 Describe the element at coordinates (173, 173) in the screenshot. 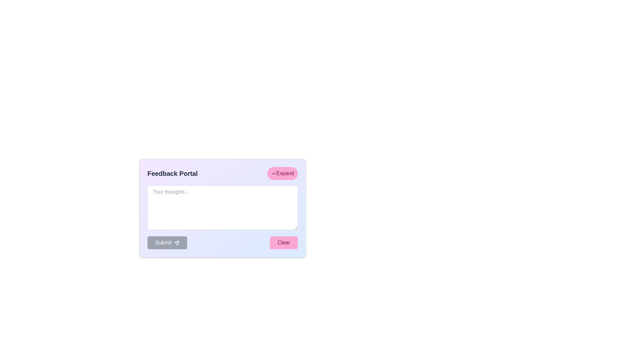

I see `the 'Feedback Portal' text label, which is a bold and larger font text in dark gray color, located in the top-left corner of a light lavender box, positioned to the left of the 'Expand' button` at that location.